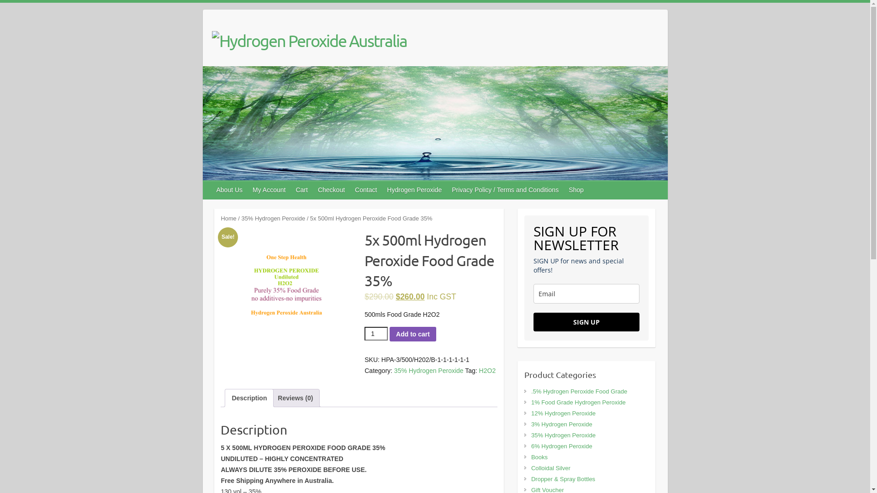  Describe the element at coordinates (576, 189) in the screenshot. I see `'Shop'` at that location.